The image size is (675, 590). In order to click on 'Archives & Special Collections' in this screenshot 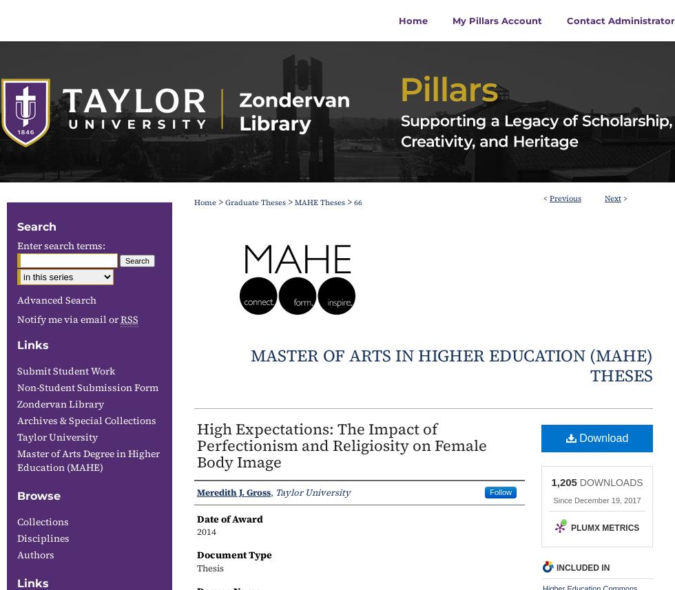, I will do `click(17, 420)`.